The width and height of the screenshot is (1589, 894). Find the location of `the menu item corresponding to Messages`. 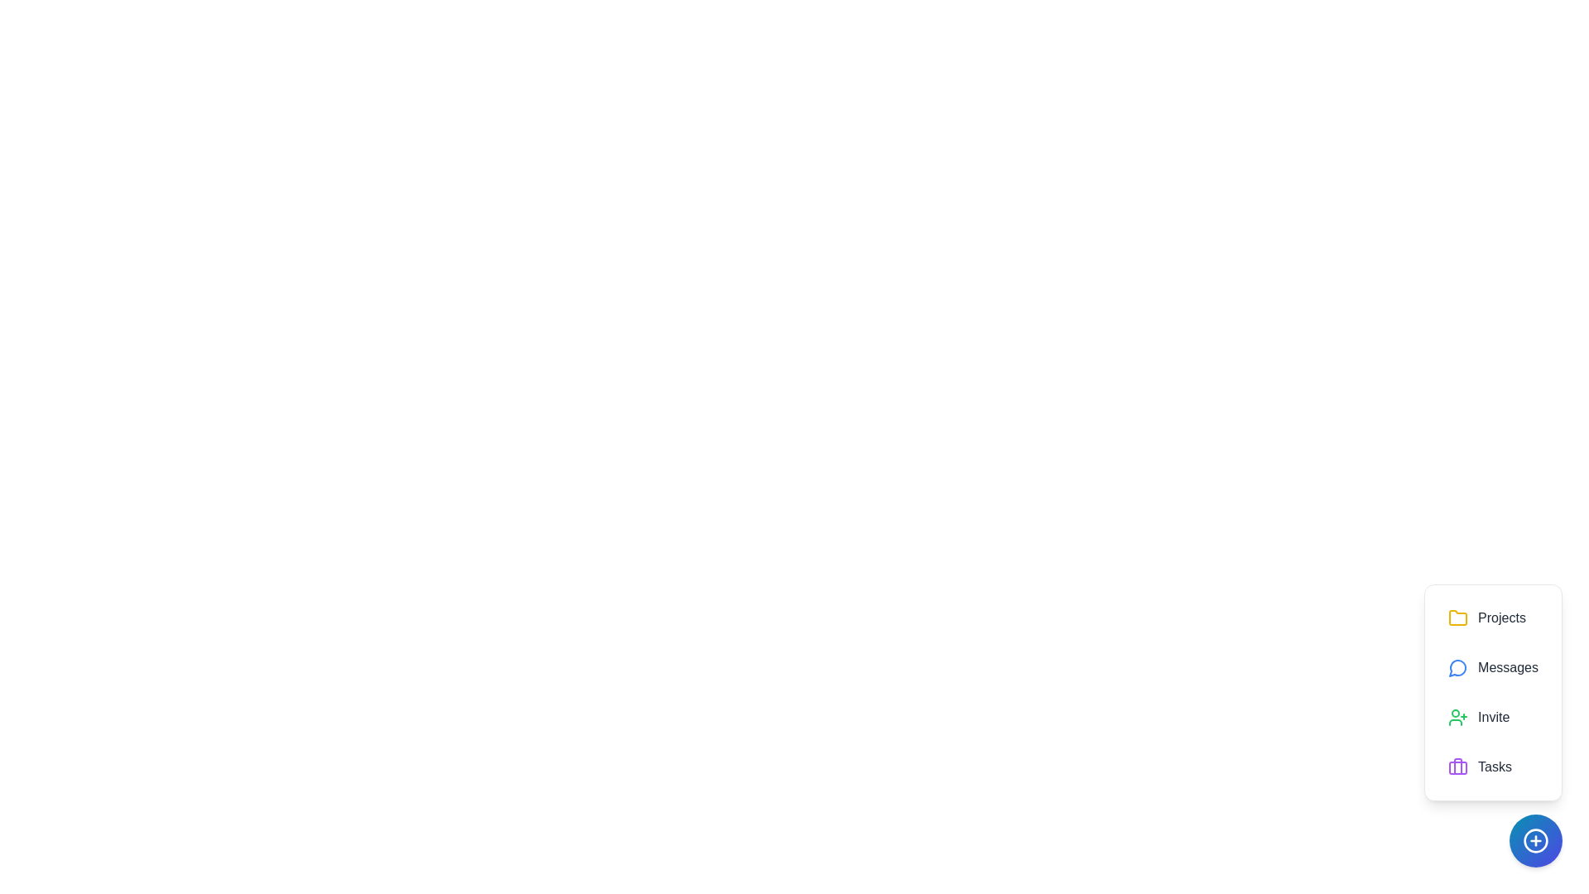

the menu item corresponding to Messages is located at coordinates (1493, 666).